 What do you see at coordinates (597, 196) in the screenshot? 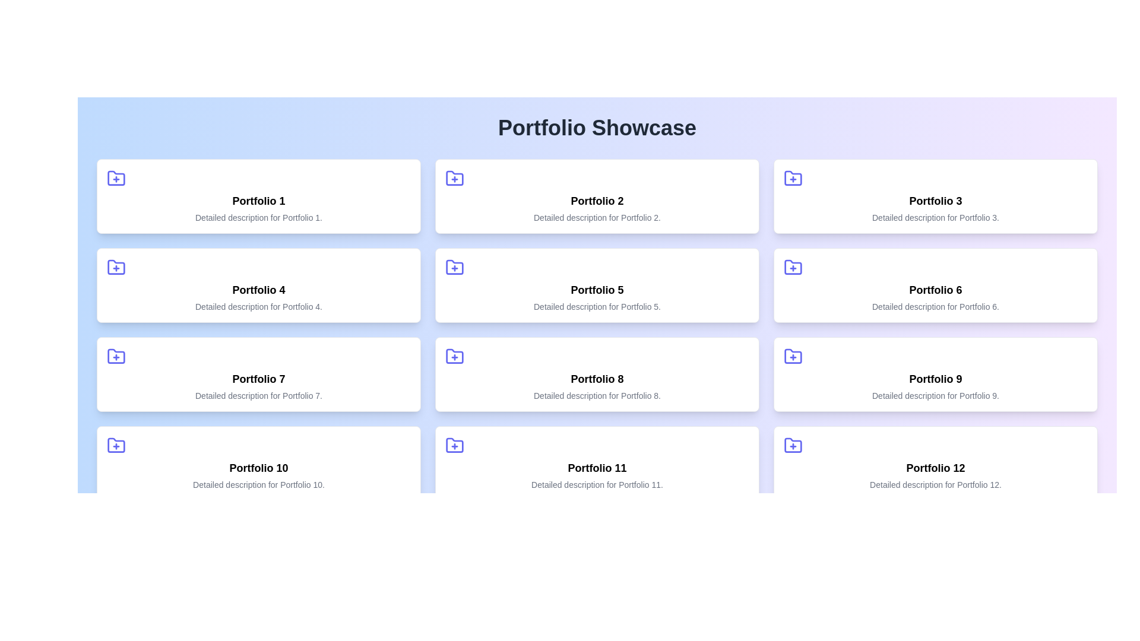
I see `the Card displaying the title and description for 'Portfolio 2' located in the second column of the first row within a grid layout` at bounding box center [597, 196].